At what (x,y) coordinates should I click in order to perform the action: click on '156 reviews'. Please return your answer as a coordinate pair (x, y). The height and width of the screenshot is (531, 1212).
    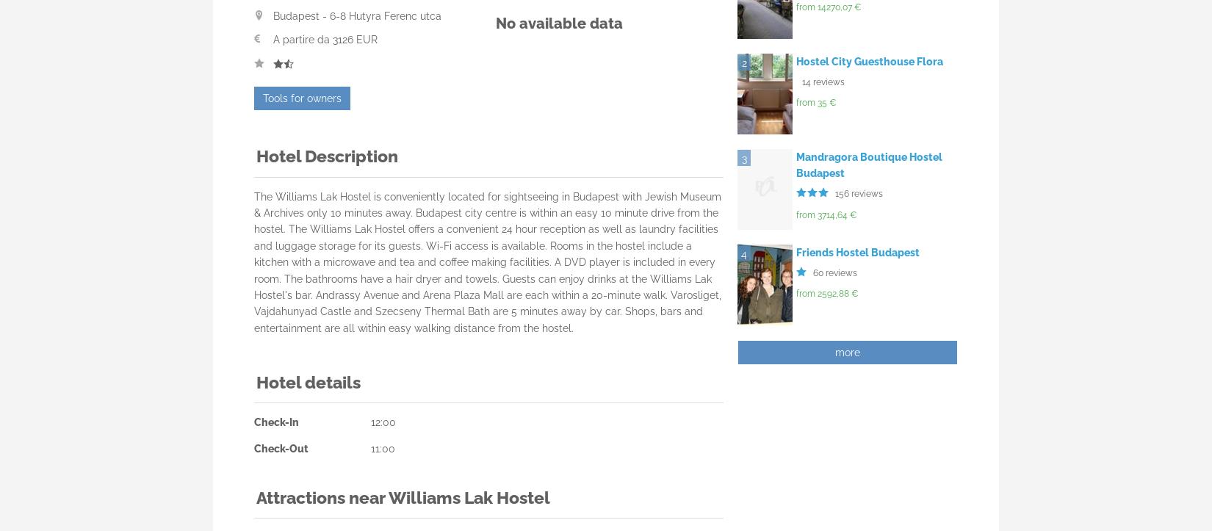
    Looking at the image, I should click on (859, 192).